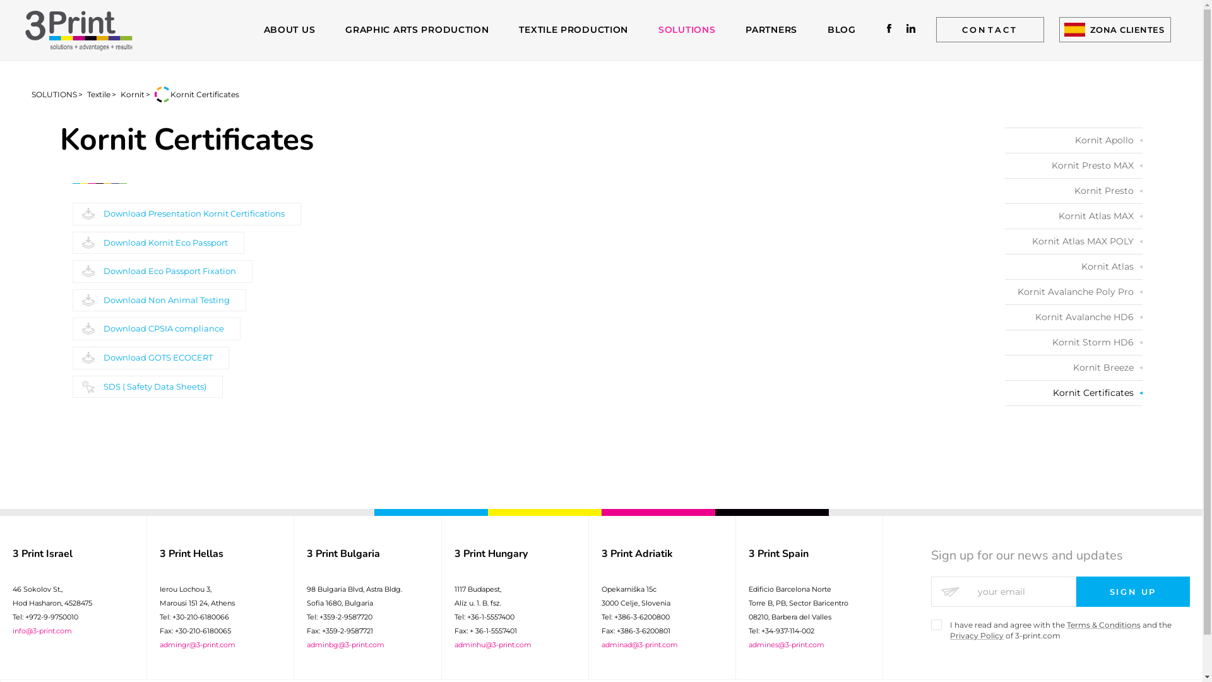 The width and height of the screenshot is (1212, 682). Describe the element at coordinates (417, 28) in the screenshot. I see `'GRAPHIC ARTS PRODUCTION'` at that location.